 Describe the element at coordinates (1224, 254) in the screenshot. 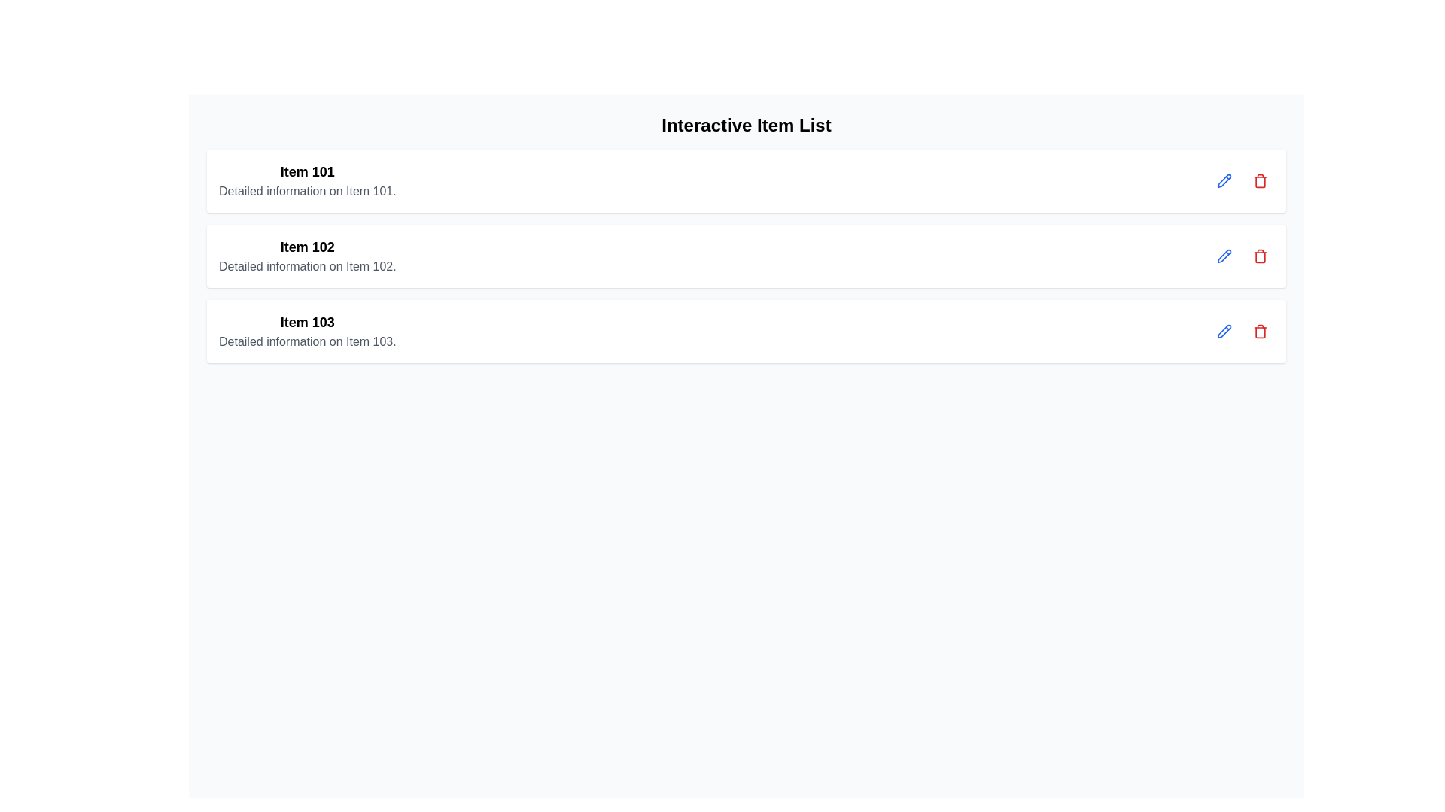

I see `the pencil icon button located in the rightmost section of the second row in the 'Interactive Item List' to initiate editing for 'Item 102.'` at that location.